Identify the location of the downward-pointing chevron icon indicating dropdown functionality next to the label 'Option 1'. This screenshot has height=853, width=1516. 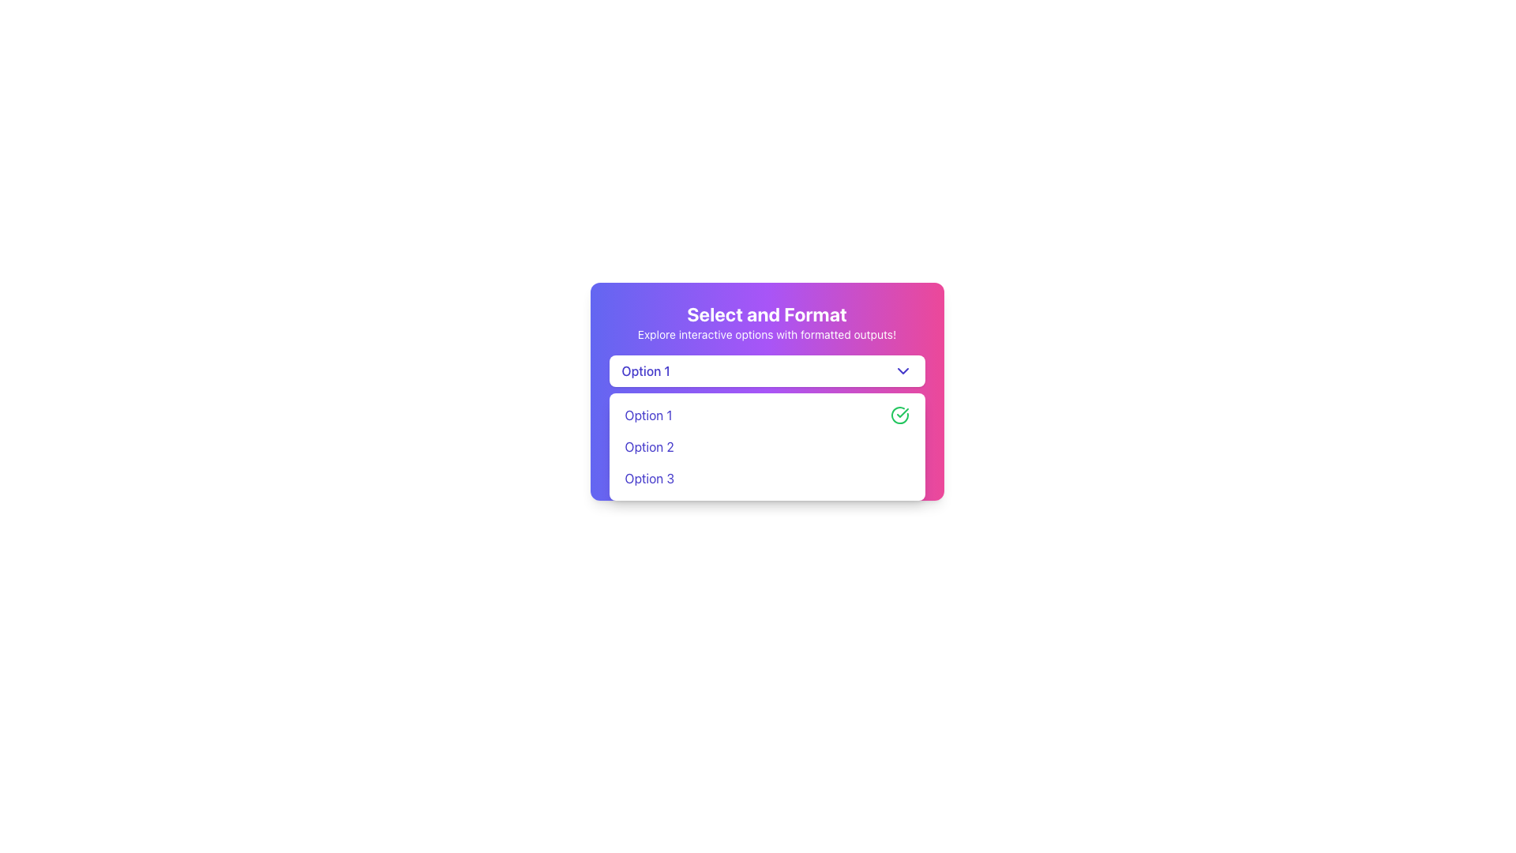
(902, 371).